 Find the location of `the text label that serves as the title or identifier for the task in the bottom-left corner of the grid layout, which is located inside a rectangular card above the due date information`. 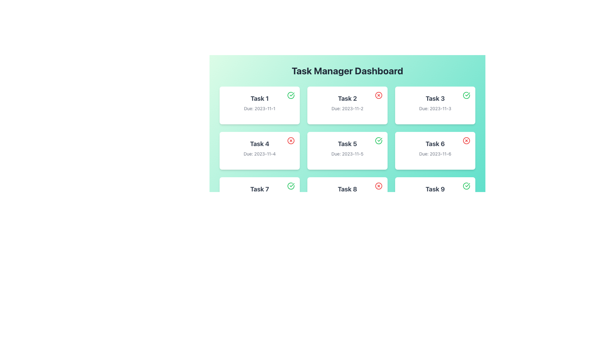

the text label that serves as the title or identifier for the task in the bottom-left corner of the grid layout, which is located inside a rectangular card above the due date information is located at coordinates (260, 189).